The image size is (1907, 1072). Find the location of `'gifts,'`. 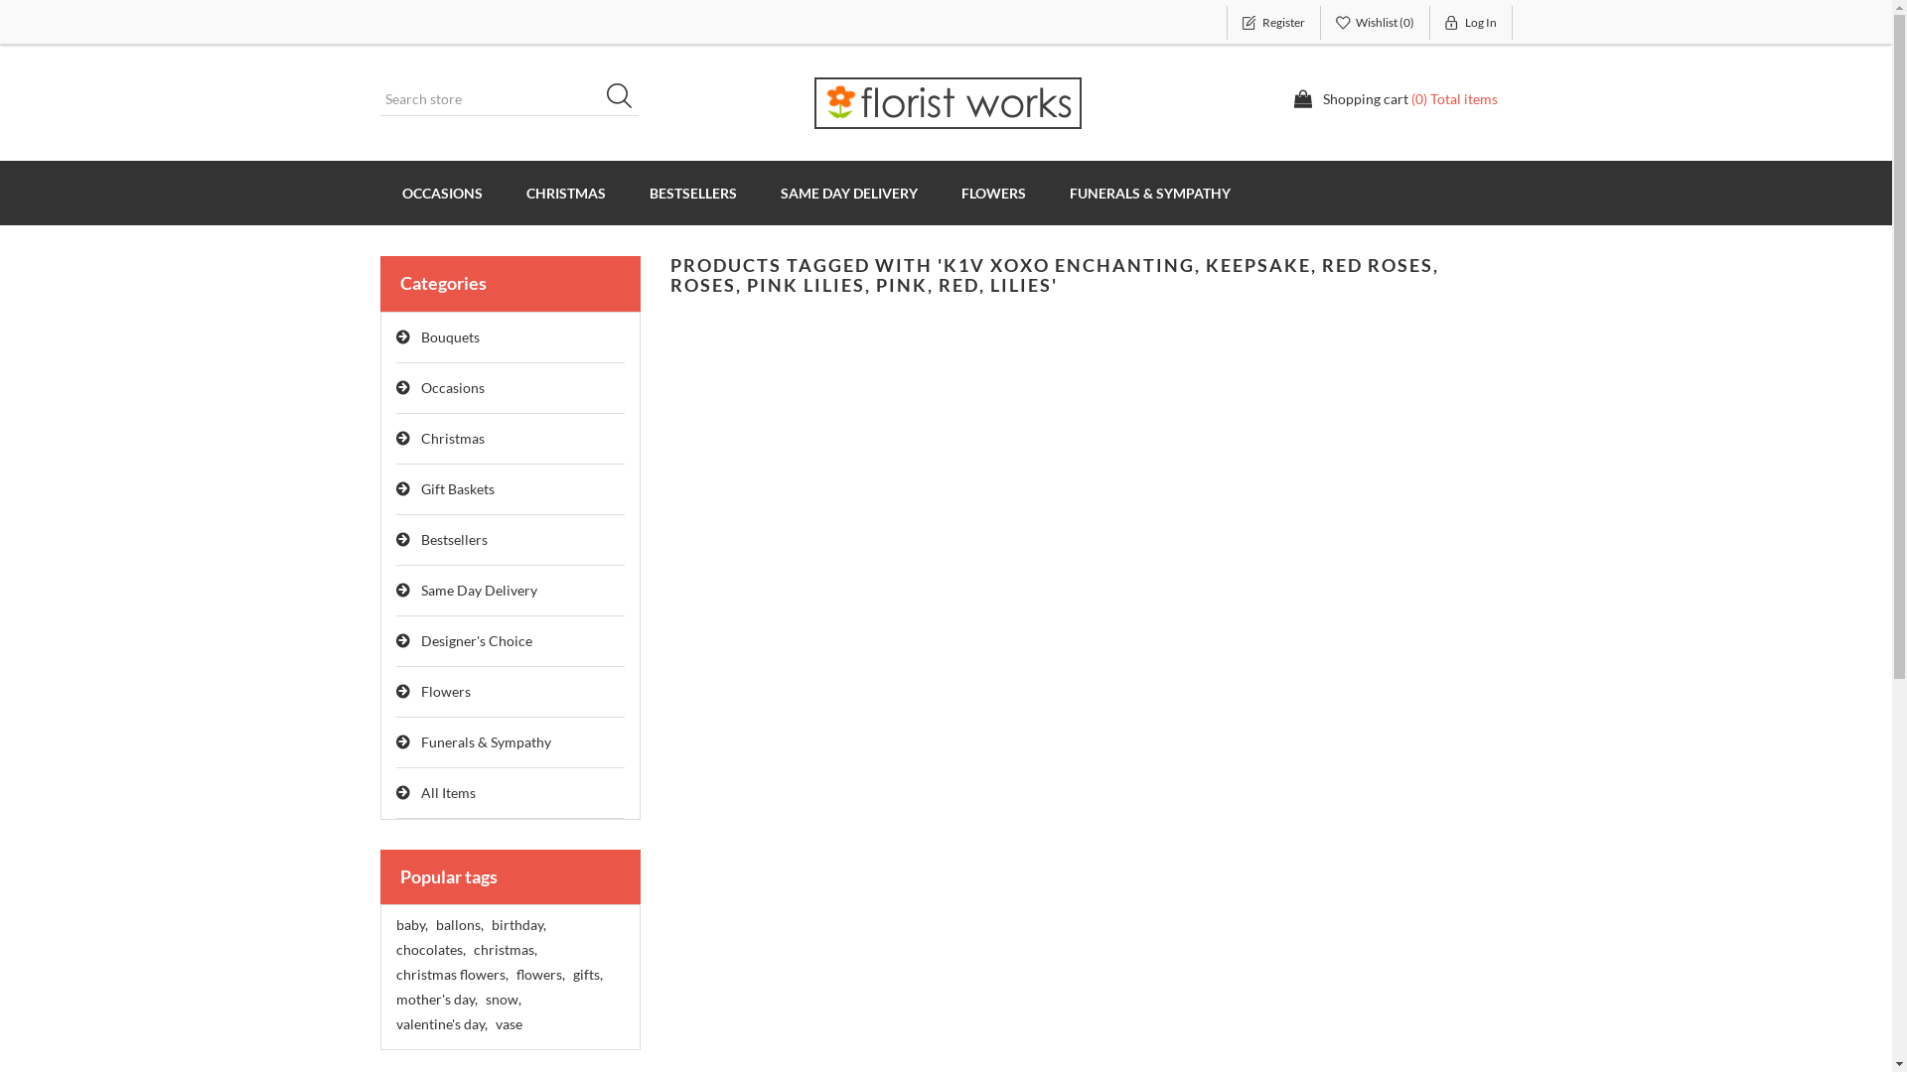

'gifts,' is located at coordinates (571, 974).